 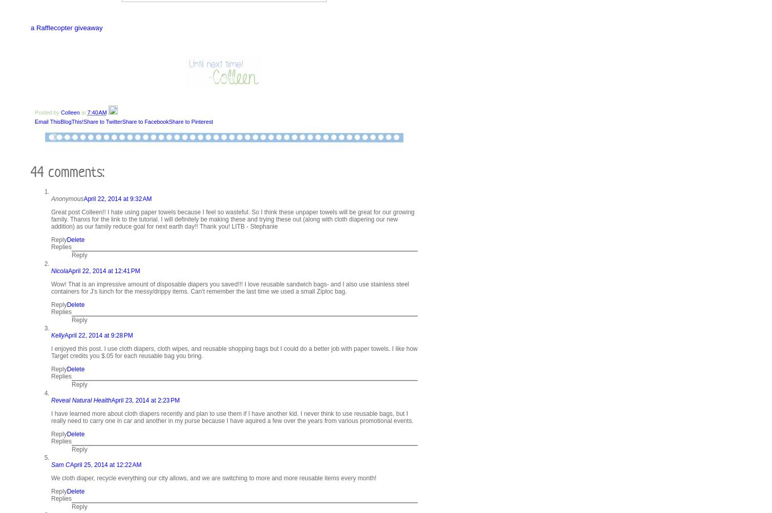 What do you see at coordinates (35, 112) in the screenshot?
I see `'Posted by'` at bounding box center [35, 112].